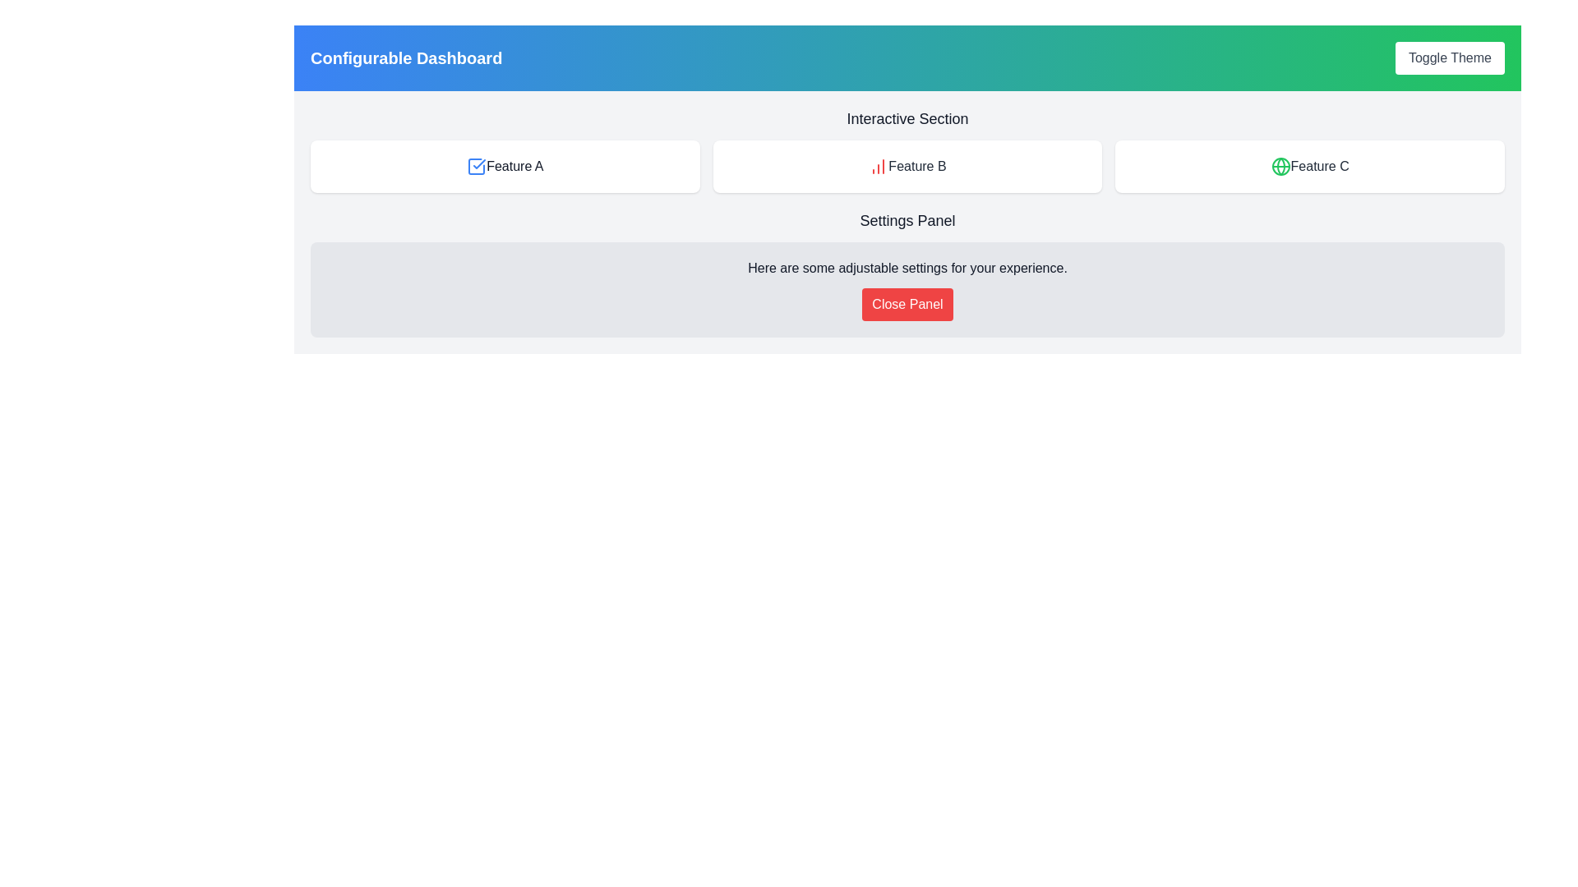 Image resolution: width=1578 pixels, height=887 pixels. I want to click on the 'Close Panel' button, which has a red background and white text, so click(907, 304).